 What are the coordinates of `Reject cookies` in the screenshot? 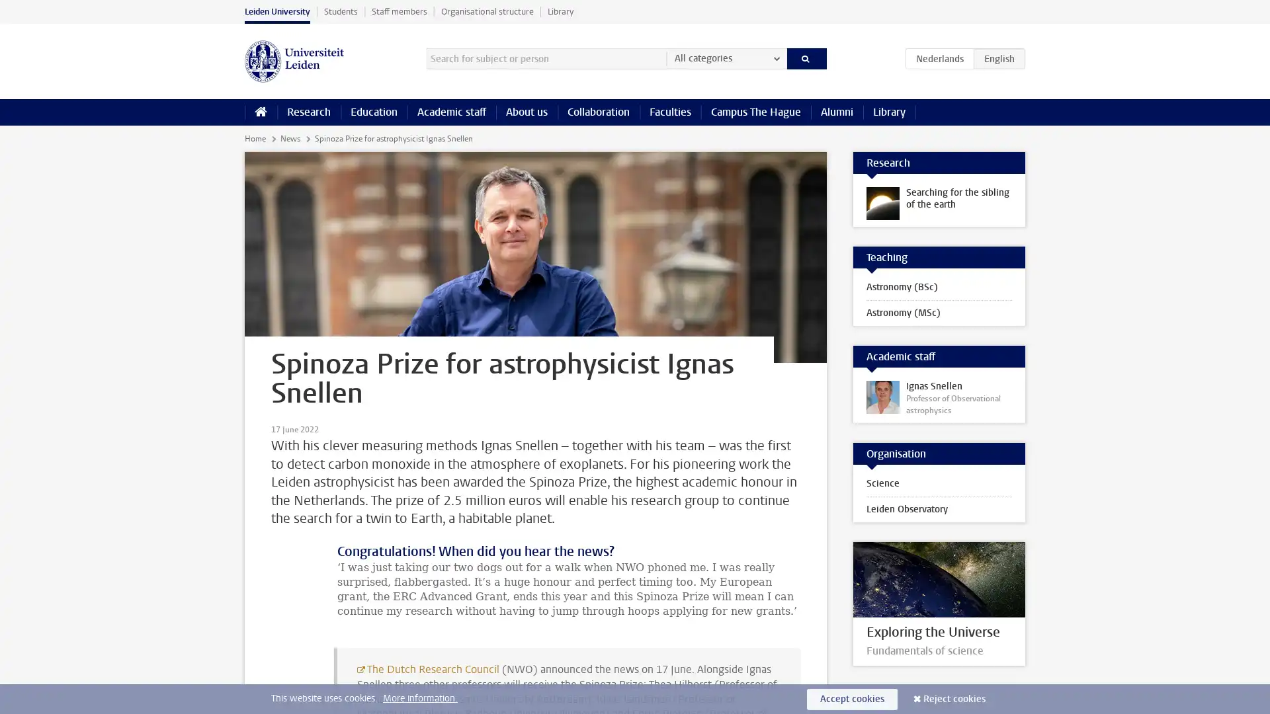 It's located at (954, 698).